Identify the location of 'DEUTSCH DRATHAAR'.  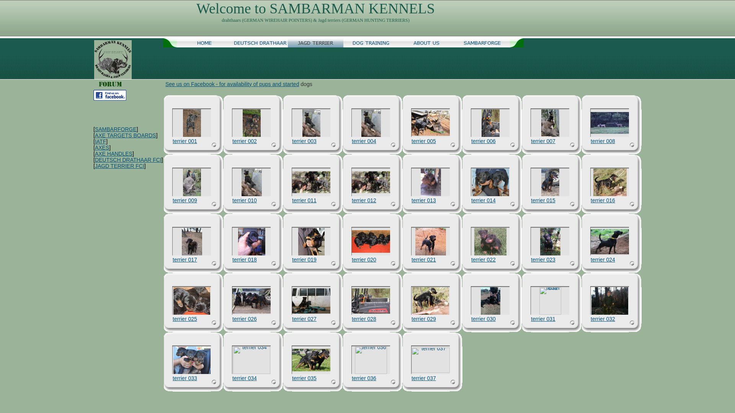
(260, 42).